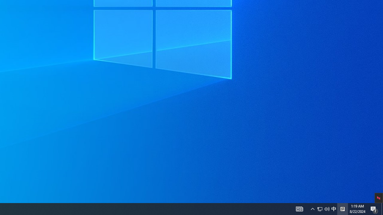 This screenshot has height=215, width=383. What do you see at coordinates (382, 208) in the screenshot?
I see `'Show desktop'` at bounding box center [382, 208].